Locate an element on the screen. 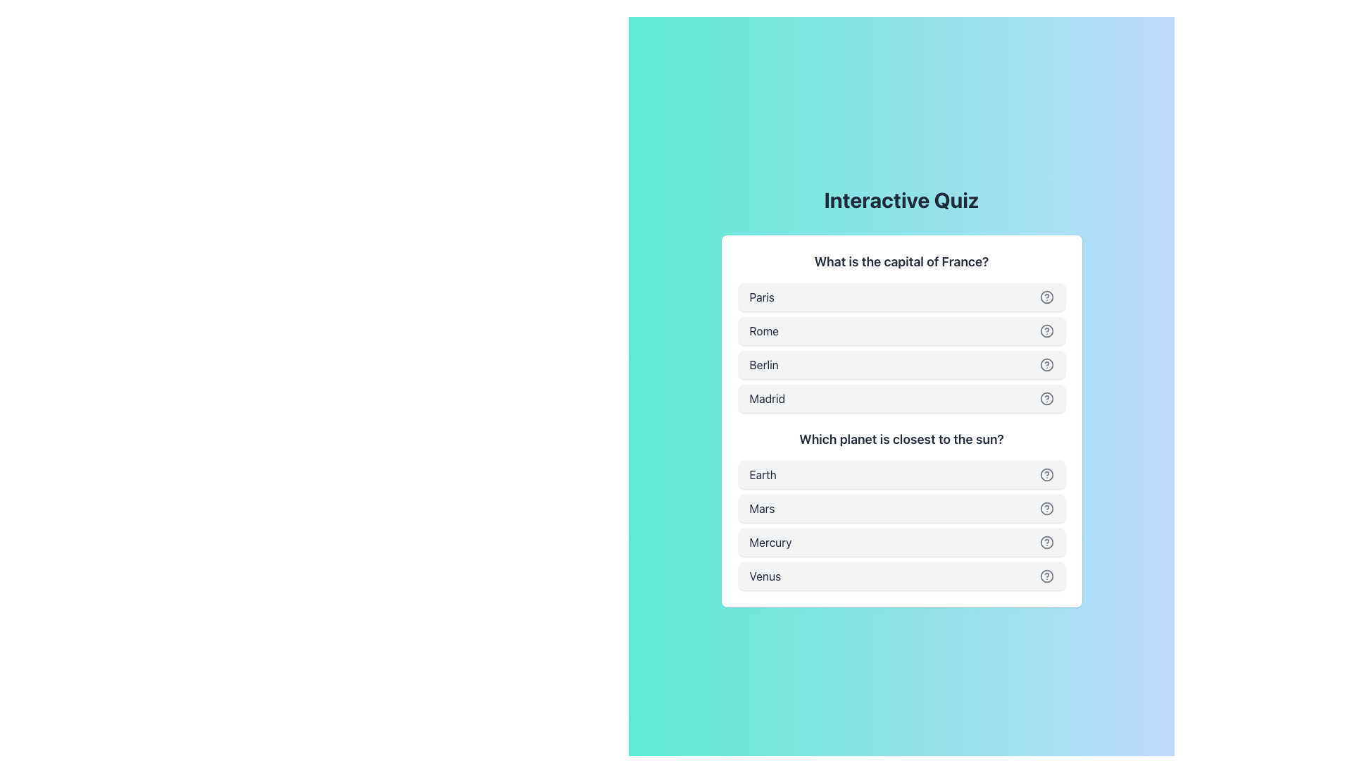 The image size is (1352, 761). the bold text label 'Interactive Quiz' which is styled with a dark grayscale font and located above quiz questions is located at coordinates (901, 200).